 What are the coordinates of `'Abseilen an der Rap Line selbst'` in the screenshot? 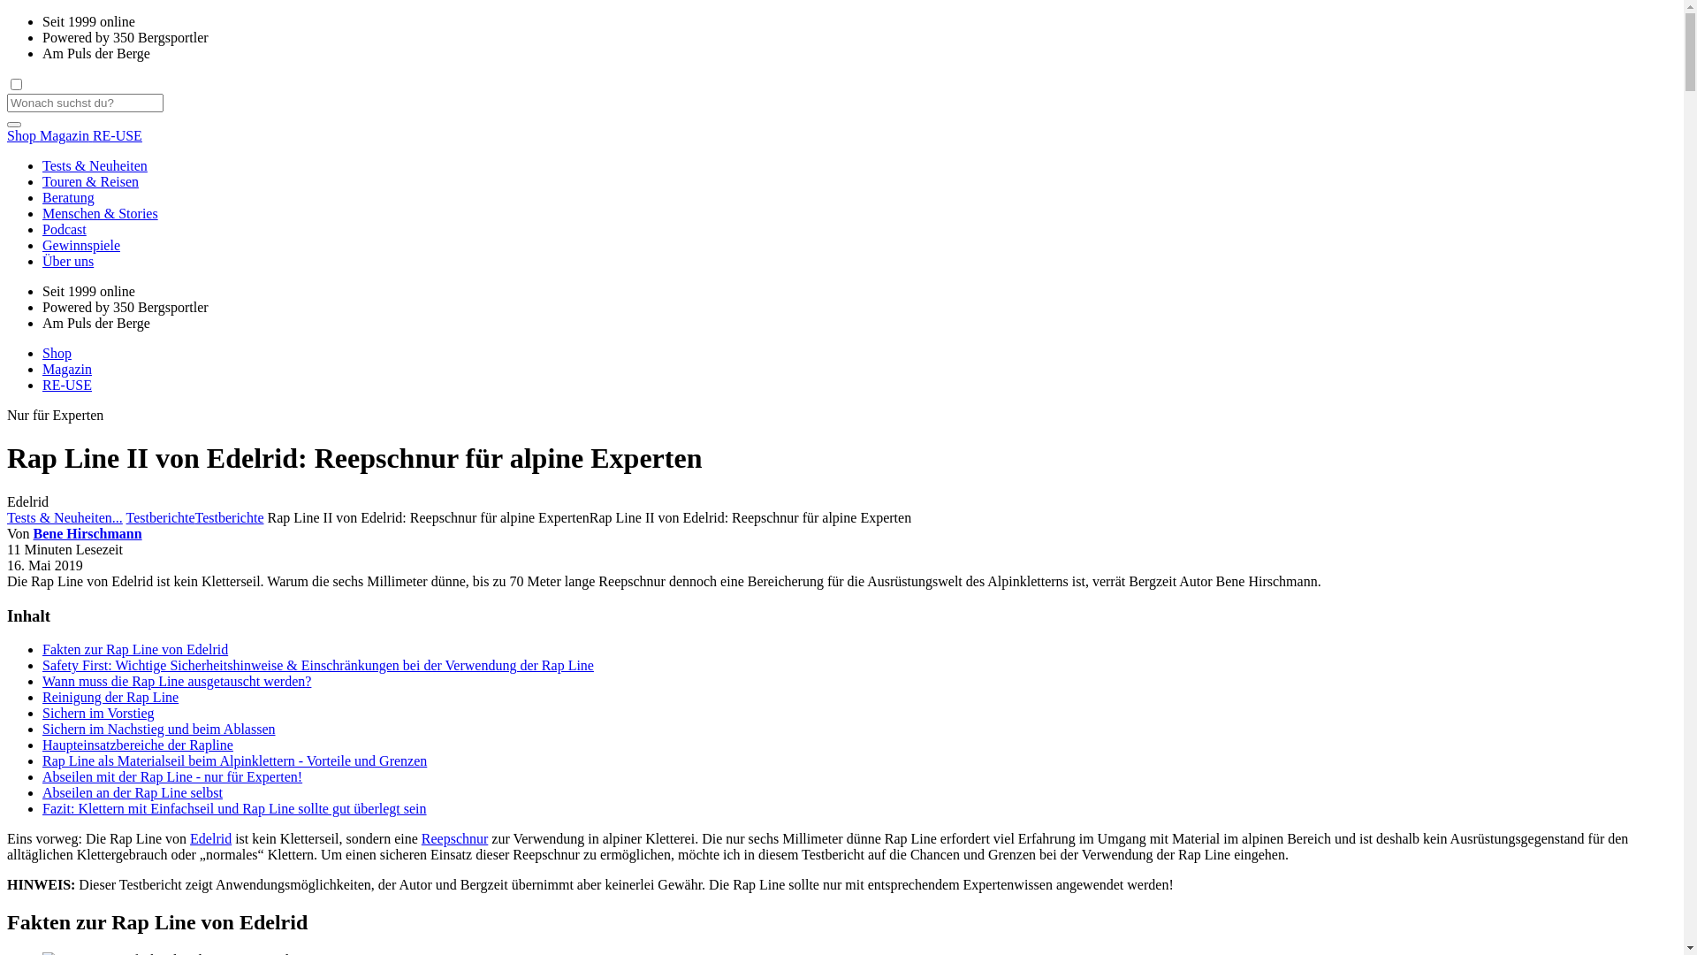 It's located at (131, 791).